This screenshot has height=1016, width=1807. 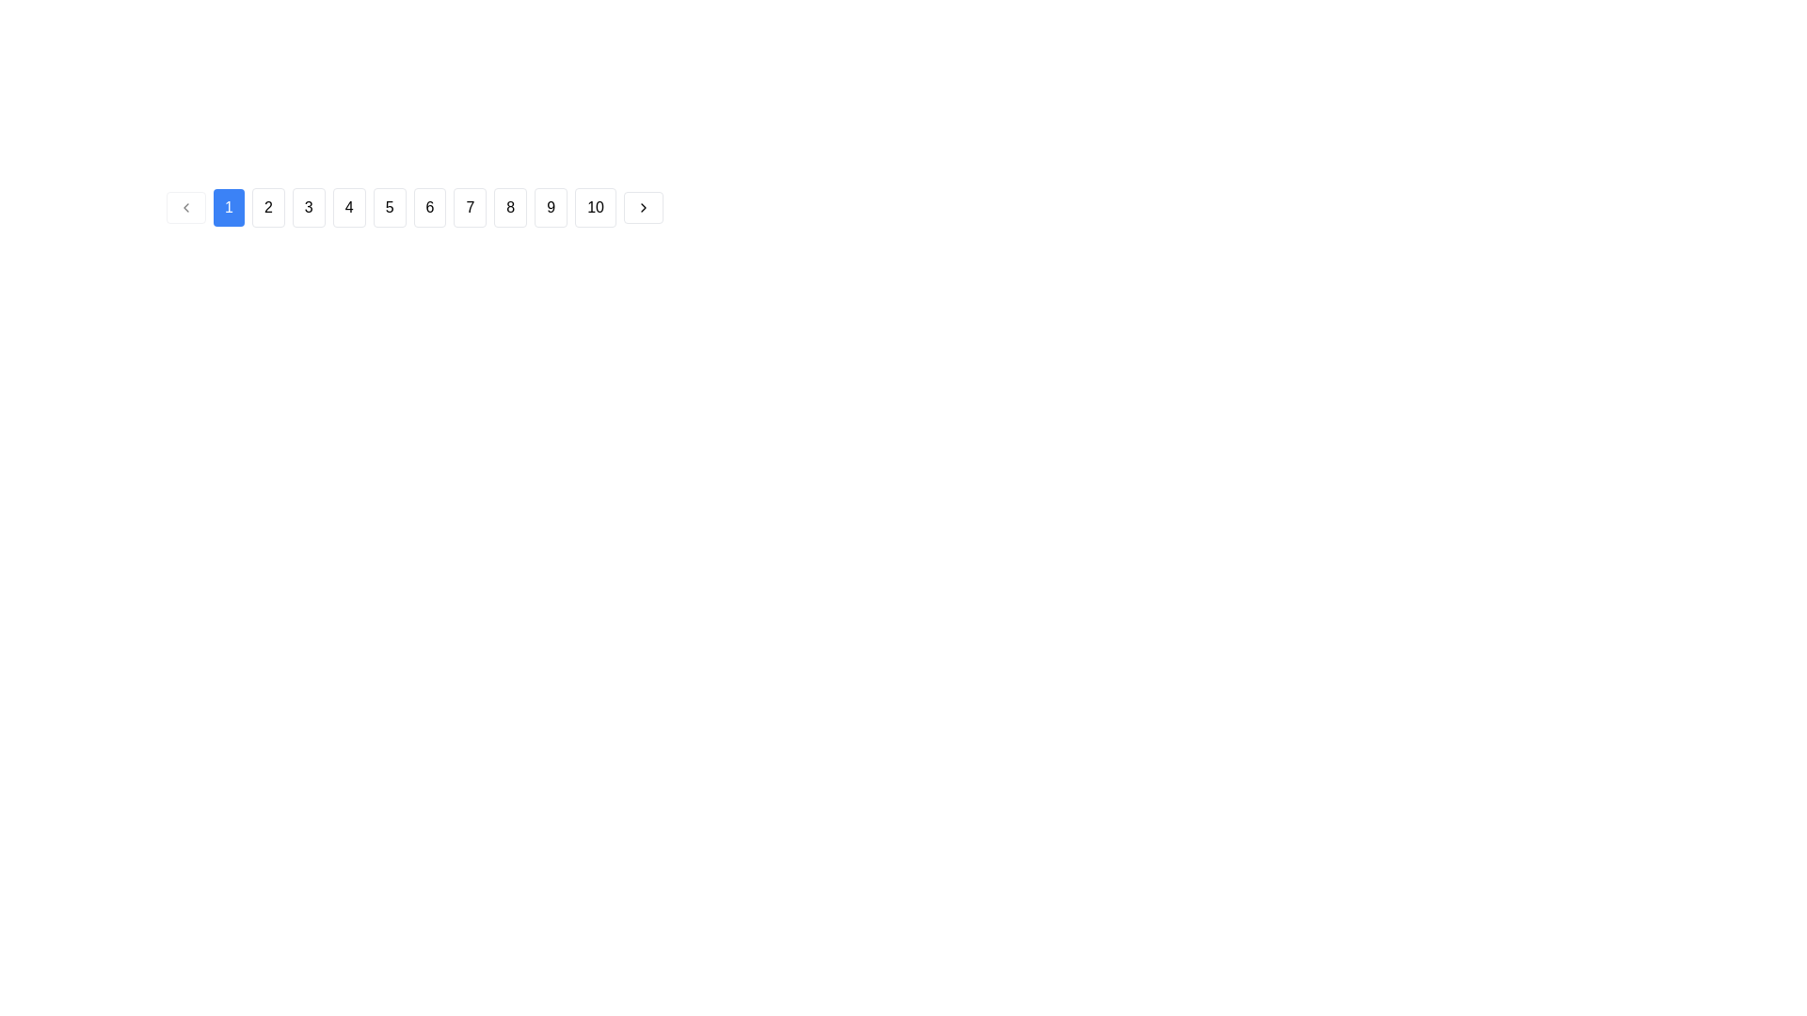 What do you see at coordinates (428, 207) in the screenshot?
I see `the sixth numeric button in the pagination bar to observe any hover effects` at bounding box center [428, 207].